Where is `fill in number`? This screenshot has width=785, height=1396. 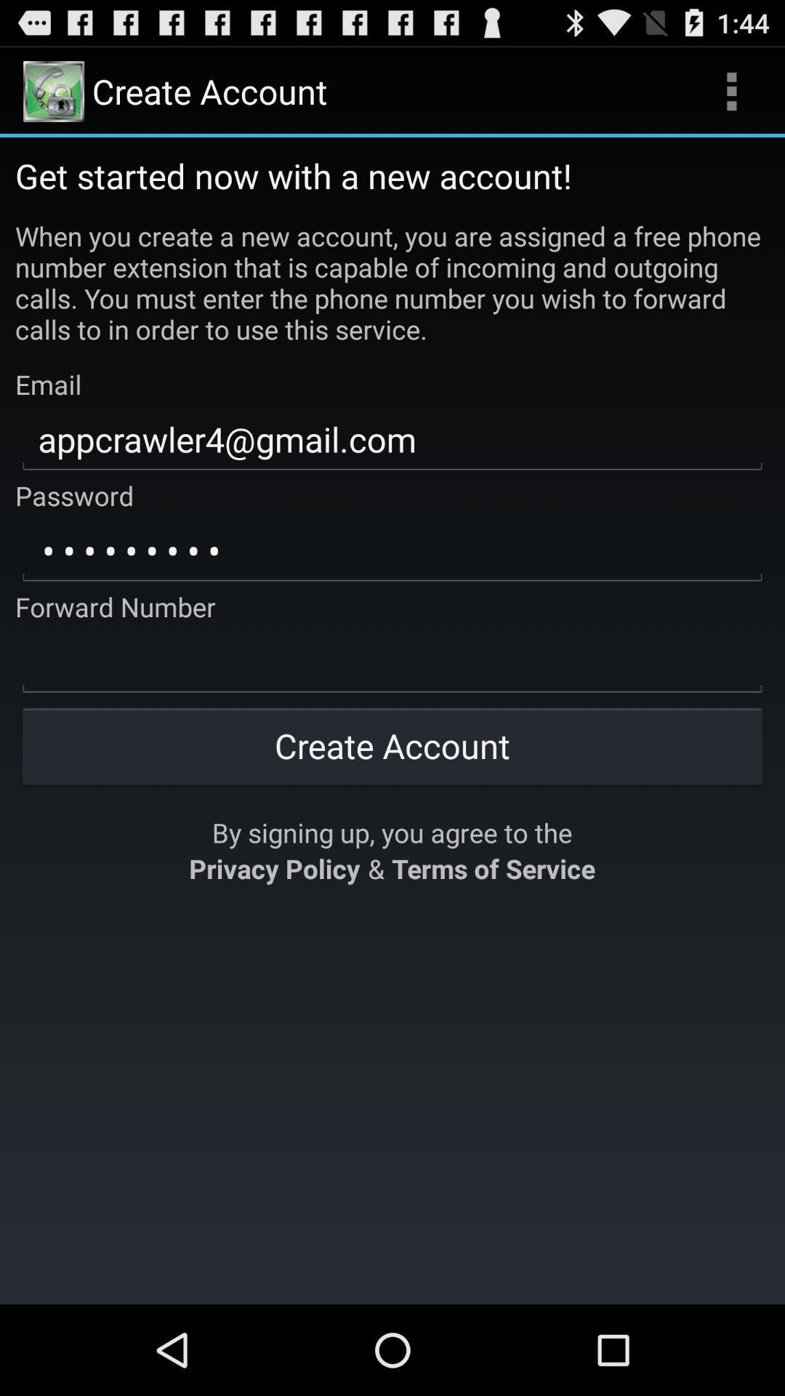 fill in number is located at coordinates (392, 662).